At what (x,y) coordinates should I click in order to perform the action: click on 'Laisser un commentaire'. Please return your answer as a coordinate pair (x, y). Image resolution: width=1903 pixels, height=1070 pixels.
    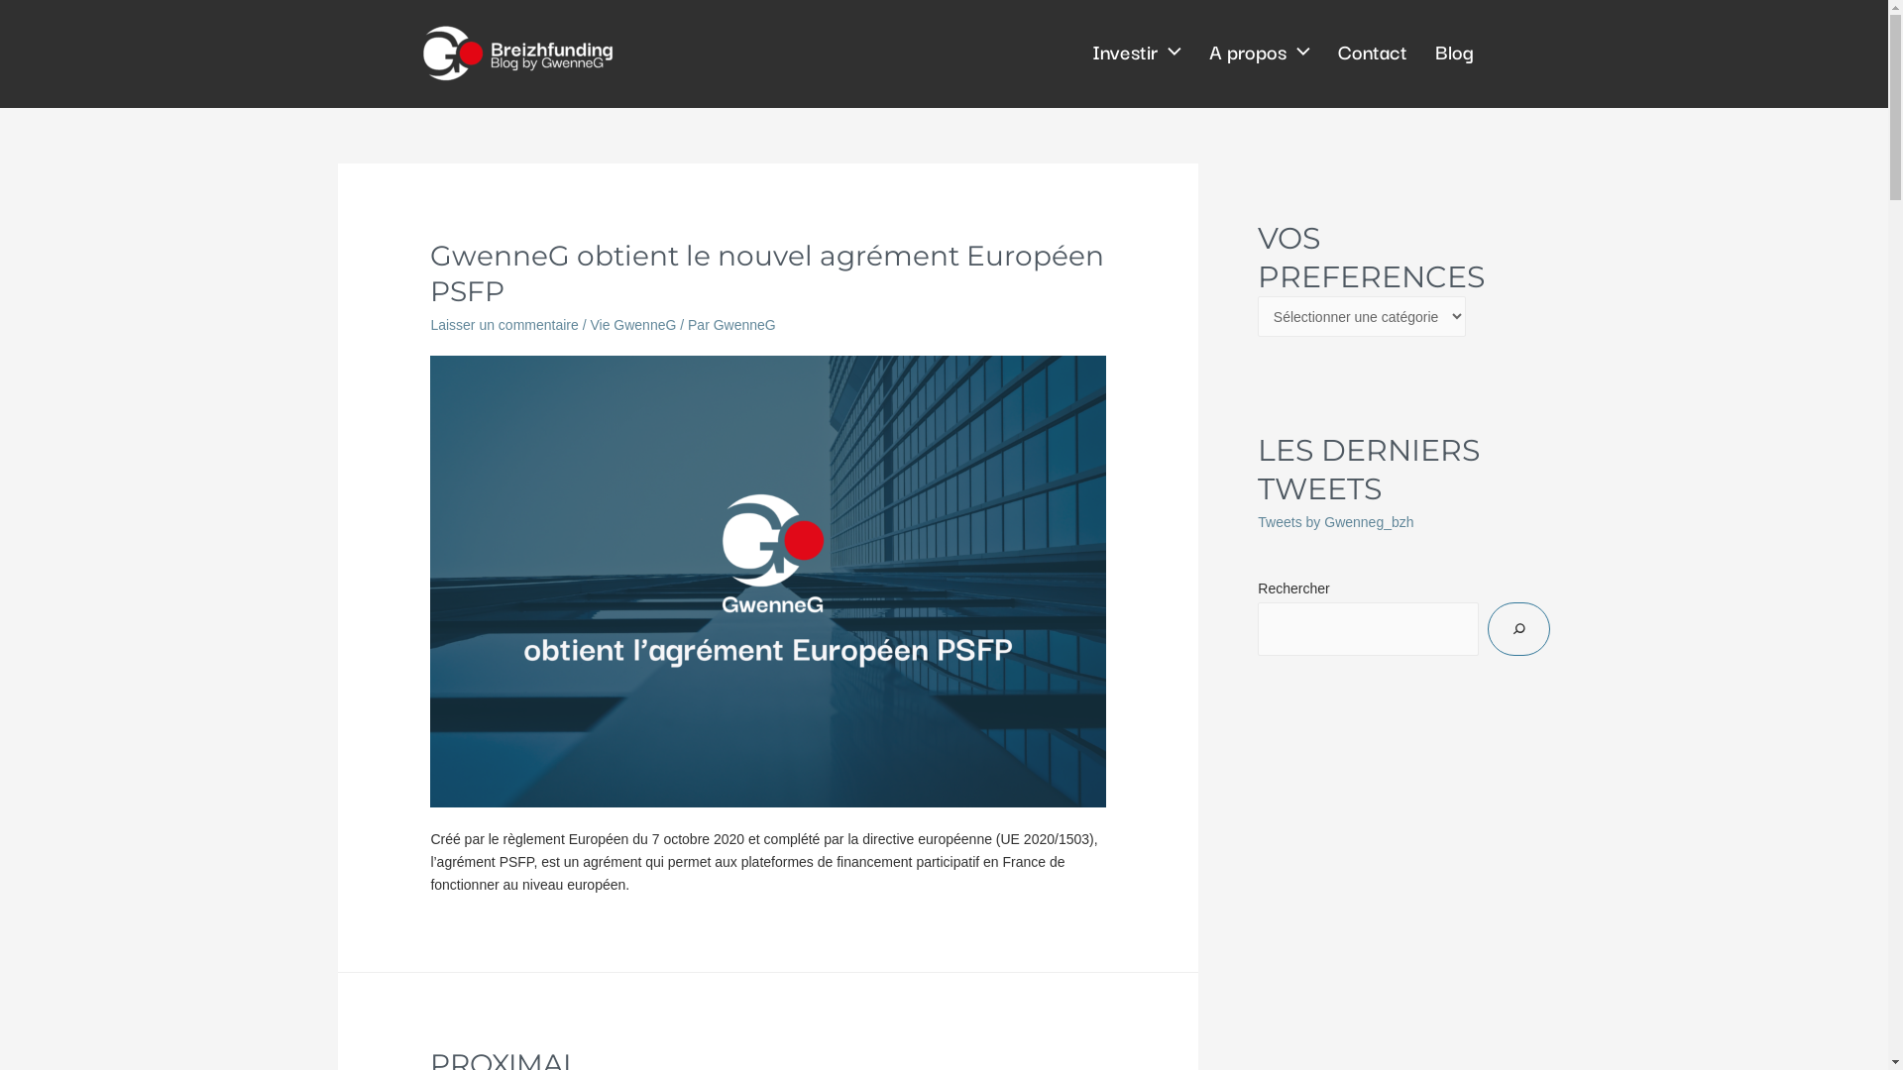
    Looking at the image, I should click on (504, 323).